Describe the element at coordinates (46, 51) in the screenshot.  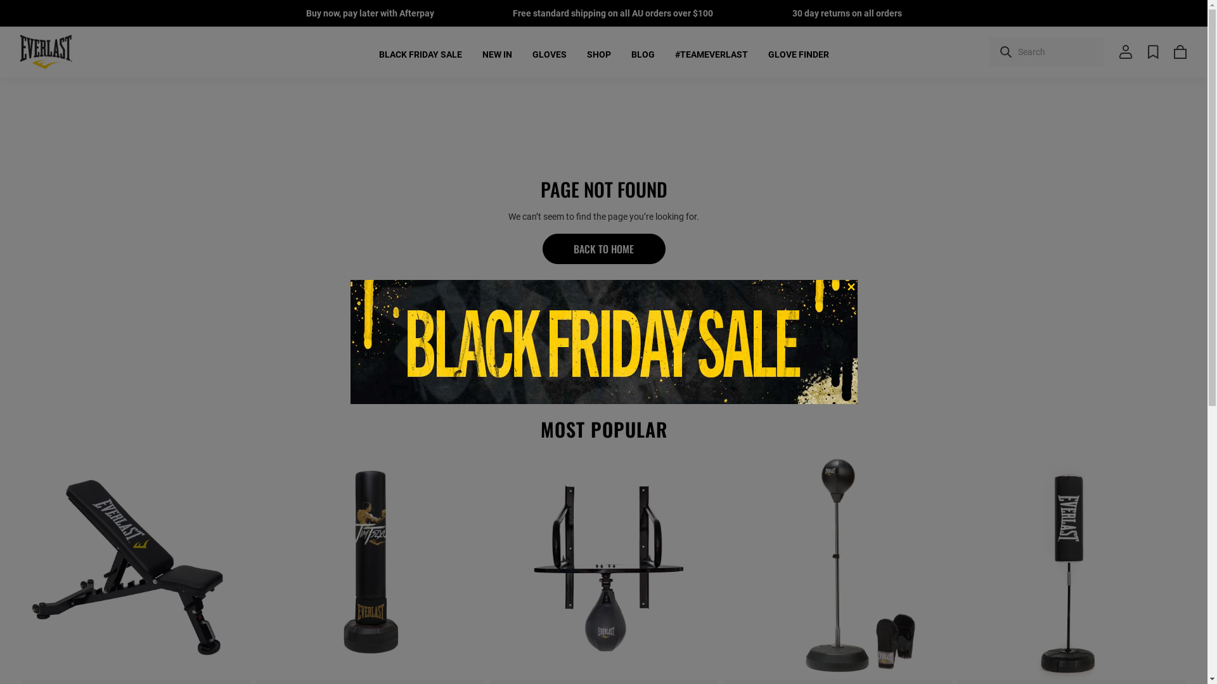
I see `'Everlast Australia'` at that location.